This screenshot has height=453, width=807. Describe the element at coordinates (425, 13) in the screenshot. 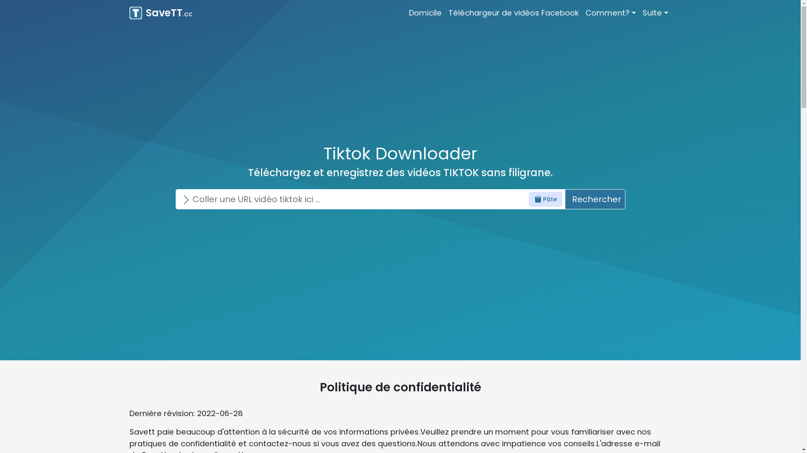

I see `'Domicile'` at that location.